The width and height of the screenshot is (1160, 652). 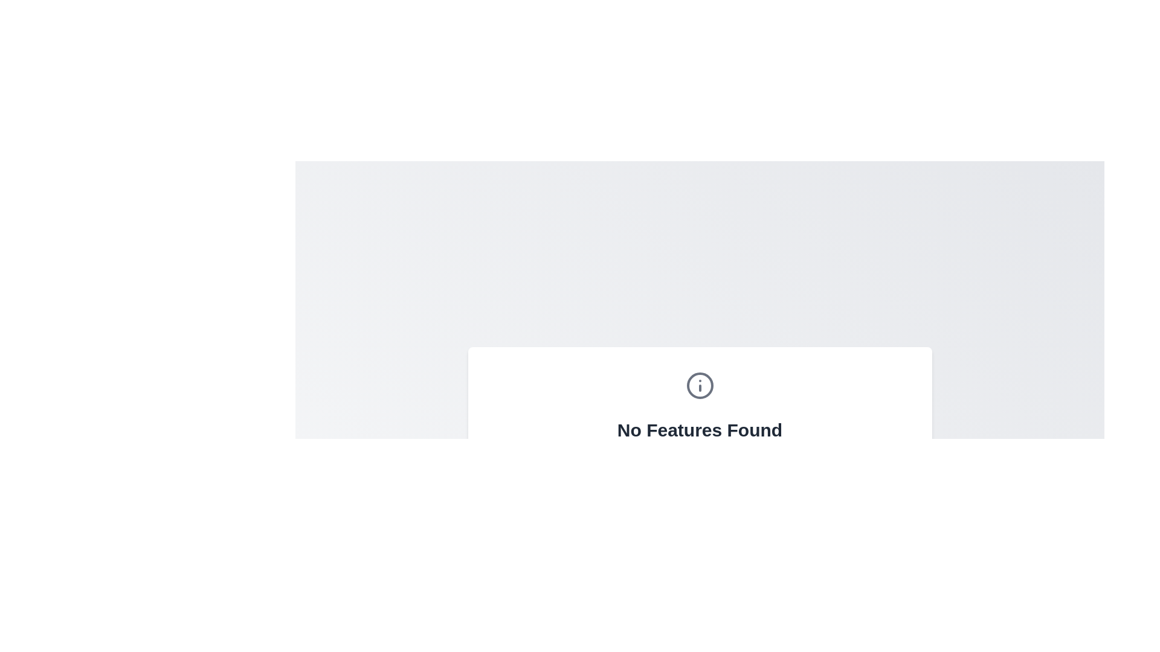 What do you see at coordinates (700, 386) in the screenshot?
I see `the alert icon located centrally above the heading text 'No Features Found' in the card interface` at bounding box center [700, 386].